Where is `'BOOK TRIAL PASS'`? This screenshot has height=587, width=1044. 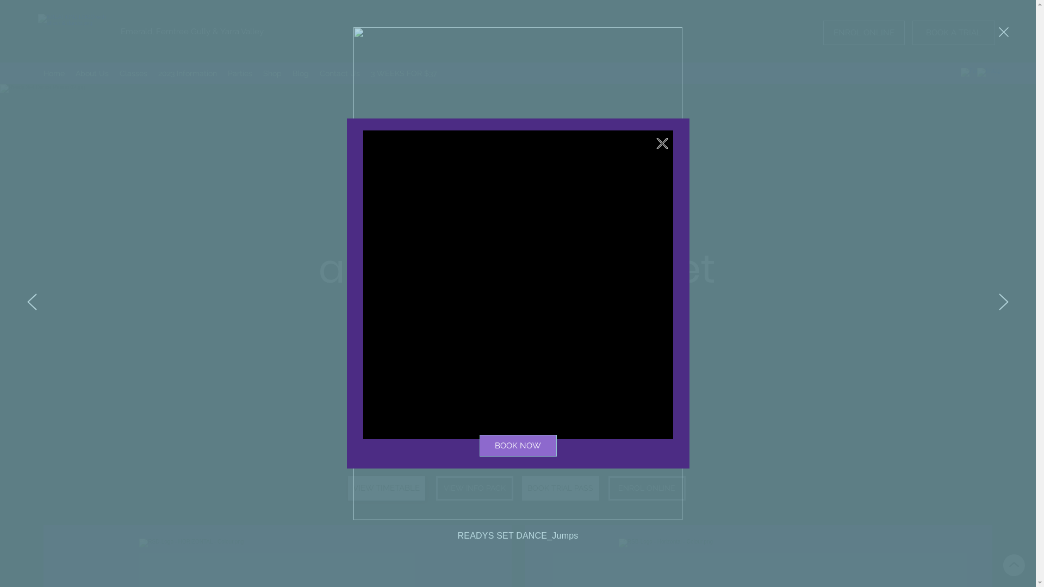
'BOOK TRIAL PASS' is located at coordinates (522, 488).